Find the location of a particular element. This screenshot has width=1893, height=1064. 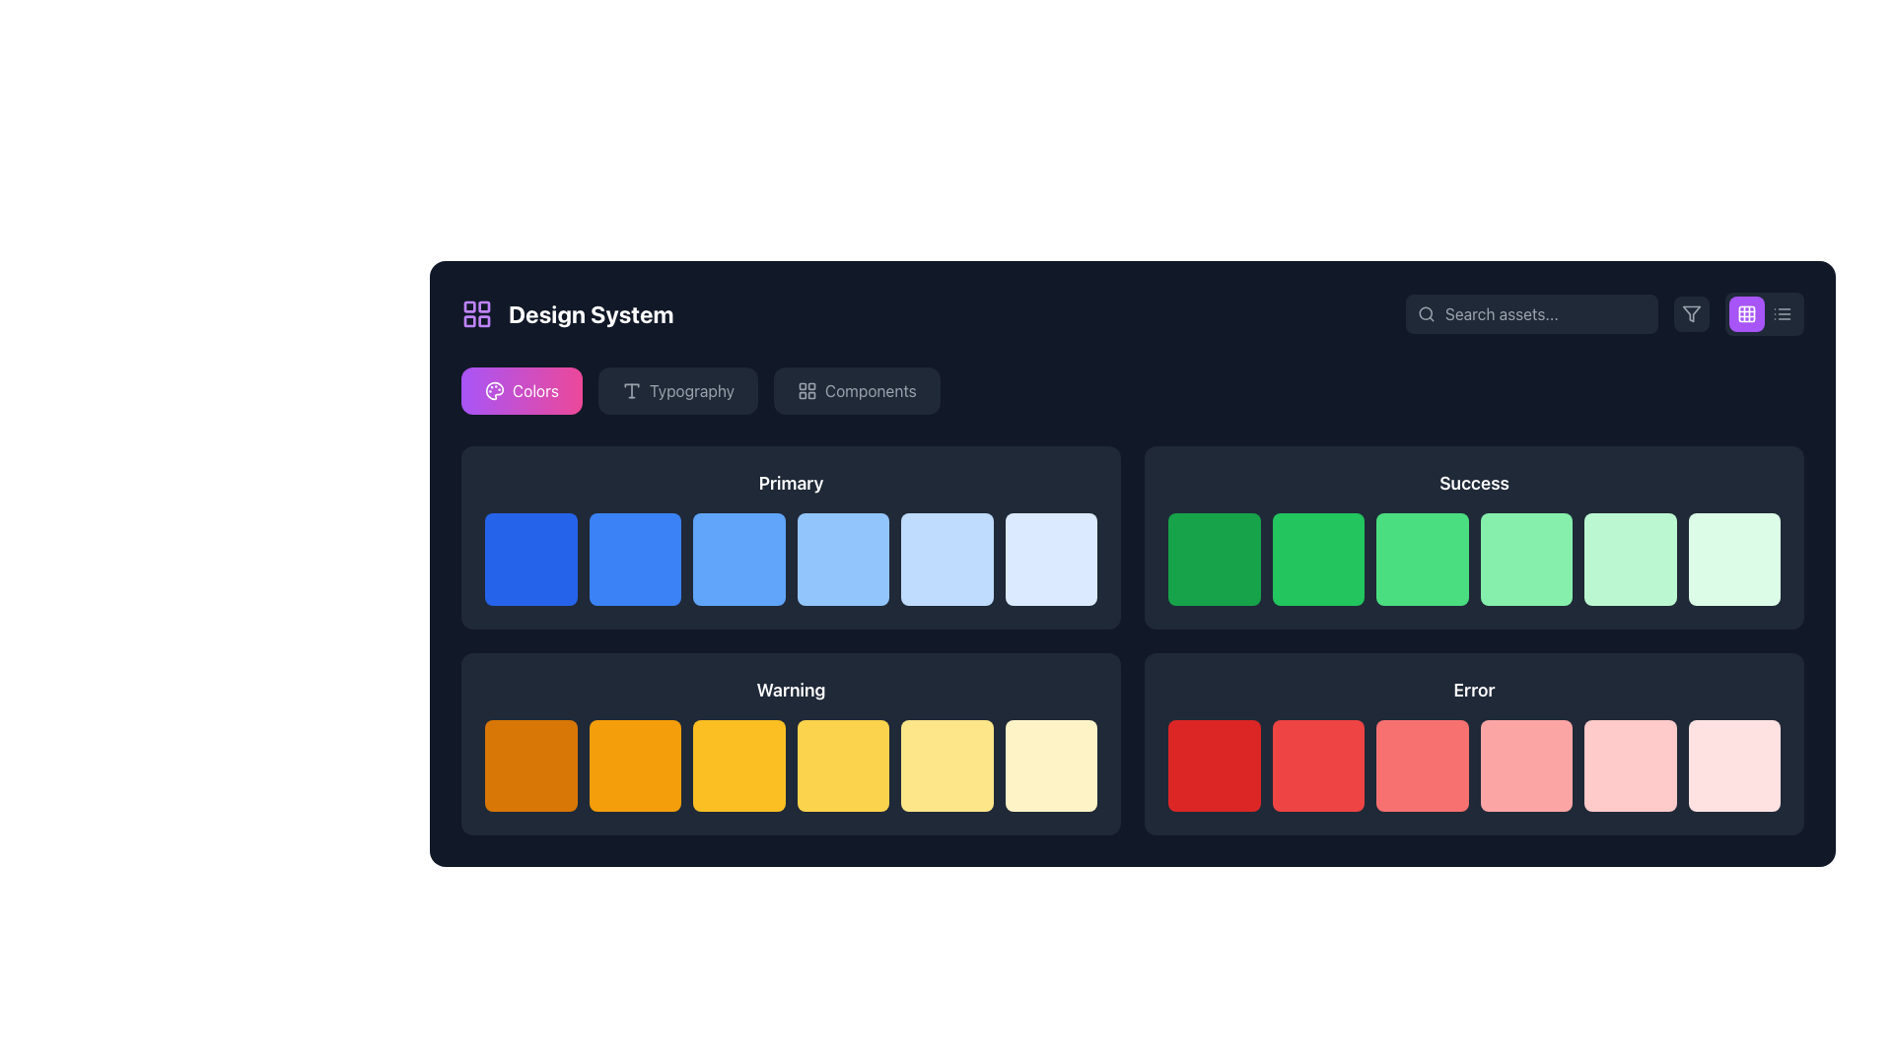

the fifth square from the left in the 'Error' section of the color categories for interaction is located at coordinates (1527, 766).